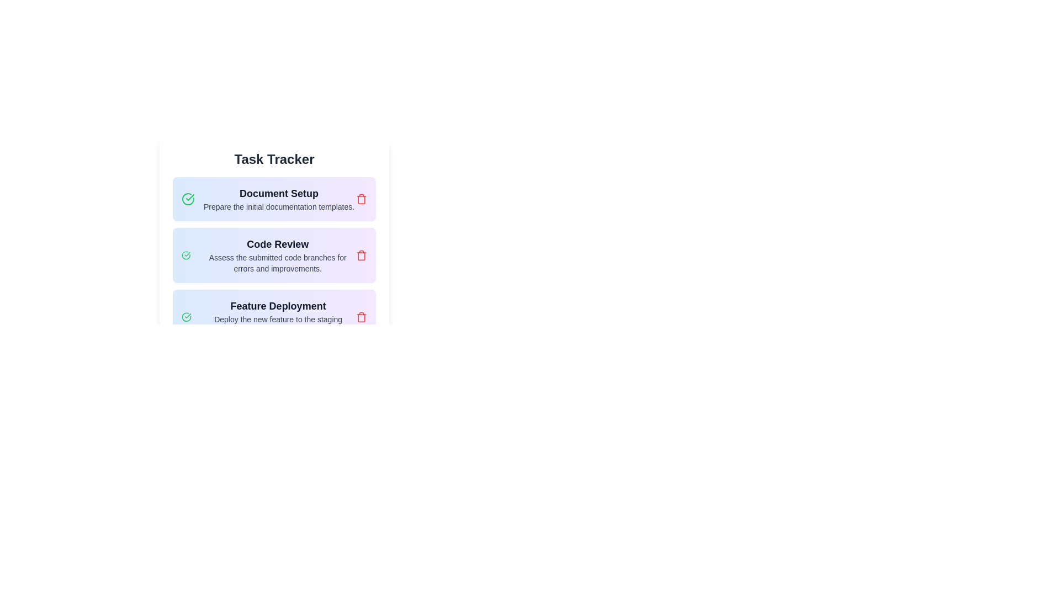 The height and width of the screenshot is (596, 1060). Describe the element at coordinates (279, 199) in the screenshot. I see `the informational text block titled 'Document Setup' that provides details on preparing initial documentation templates, located under the 'Task Tracker' heading` at that location.